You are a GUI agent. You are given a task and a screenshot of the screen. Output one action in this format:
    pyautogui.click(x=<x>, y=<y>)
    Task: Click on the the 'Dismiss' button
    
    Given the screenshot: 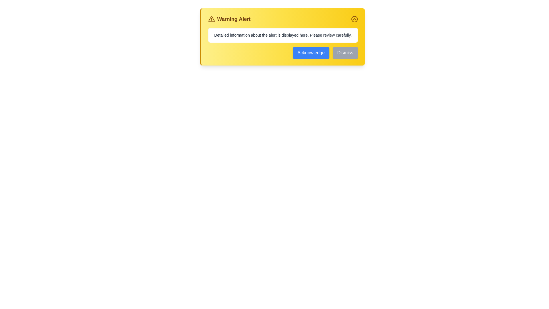 What is the action you would take?
    pyautogui.click(x=345, y=53)
    